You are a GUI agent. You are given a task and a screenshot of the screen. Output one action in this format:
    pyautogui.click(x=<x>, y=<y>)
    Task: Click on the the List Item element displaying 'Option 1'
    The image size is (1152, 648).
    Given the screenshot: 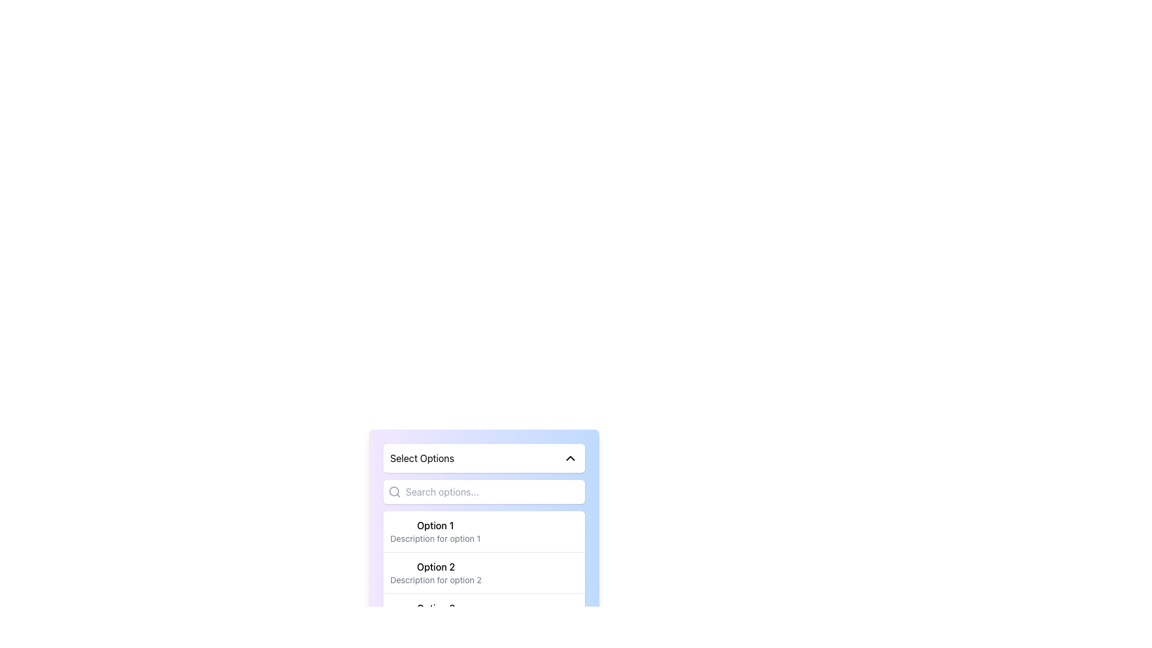 What is the action you would take?
    pyautogui.click(x=484, y=531)
    